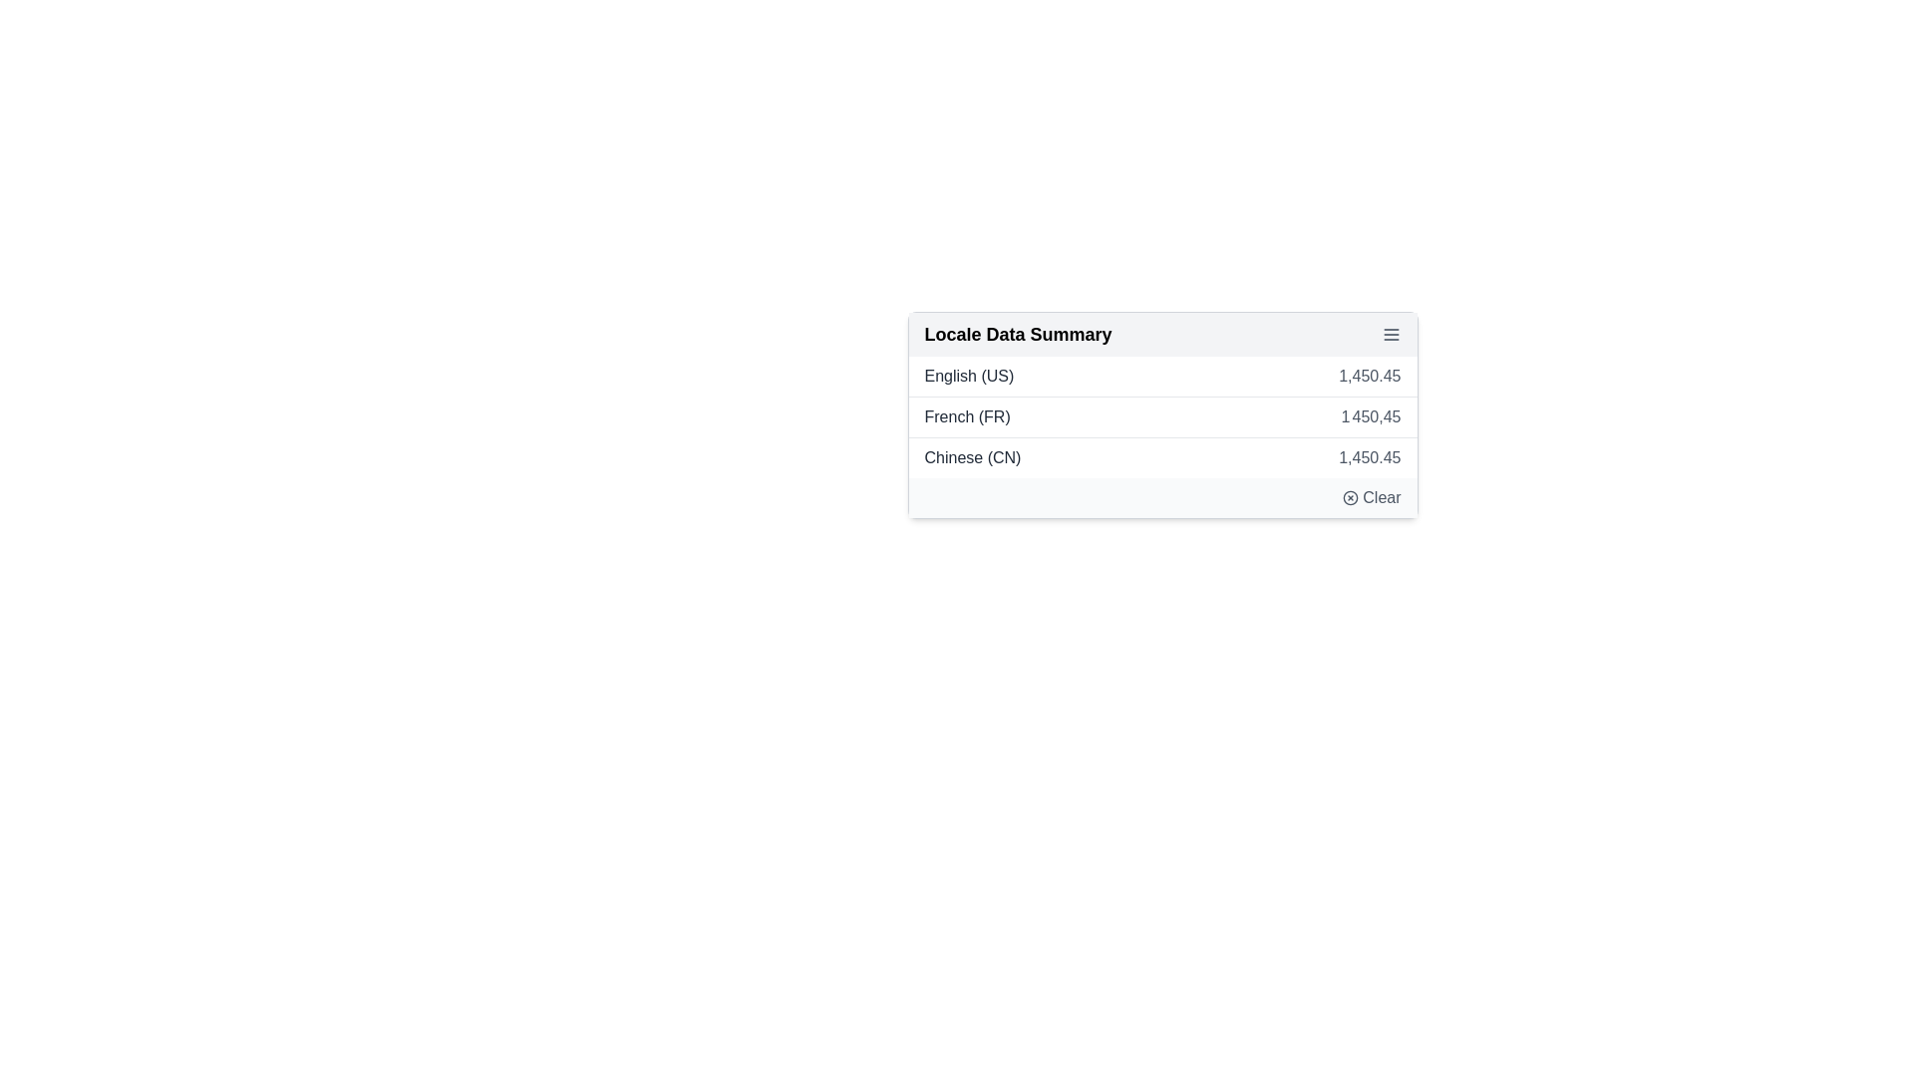  What do you see at coordinates (972, 457) in the screenshot?
I see `the language displayed` at bounding box center [972, 457].